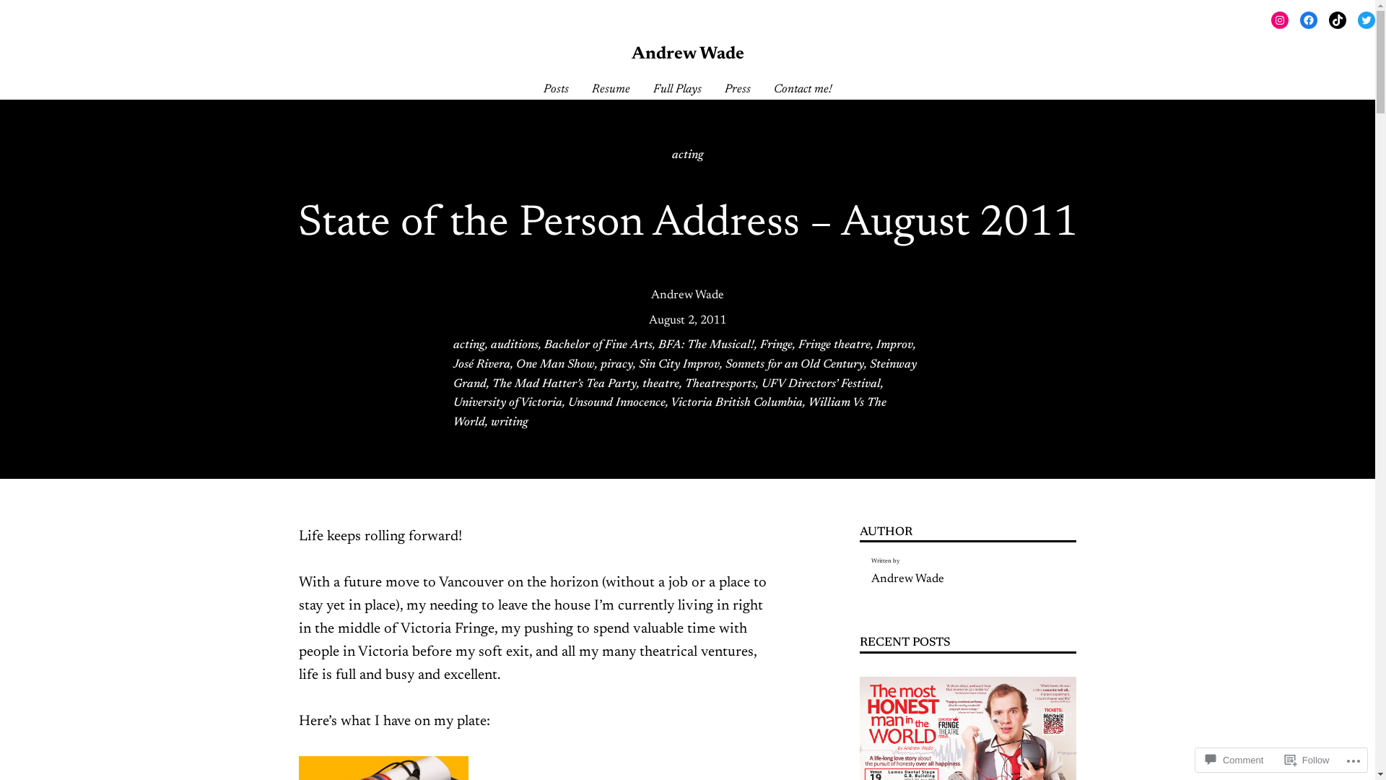 This screenshot has width=1386, height=780. Describe the element at coordinates (555, 90) in the screenshot. I see `'Posts'` at that location.